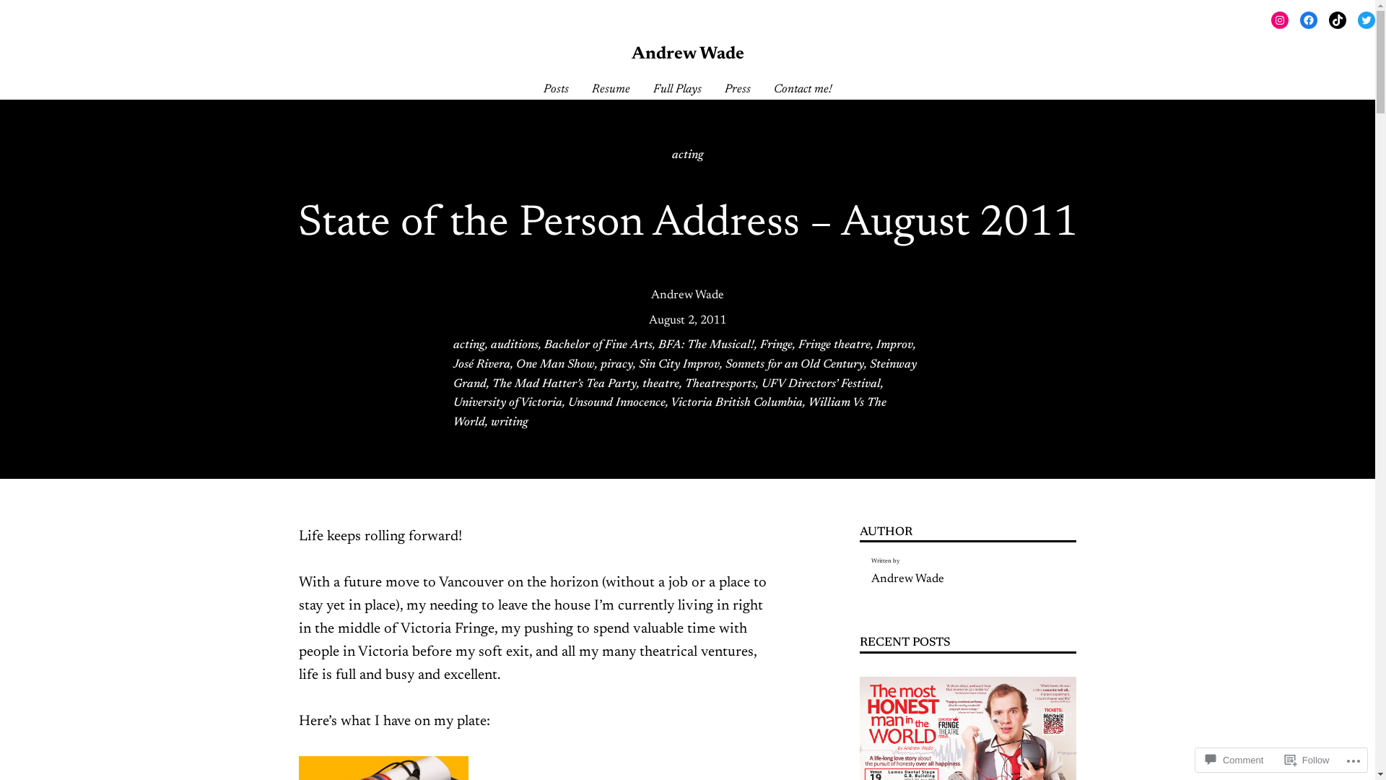 This screenshot has width=1386, height=780. Describe the element at coordinates (555, 90) in the screenshot. I see `'Posts'` at that location.